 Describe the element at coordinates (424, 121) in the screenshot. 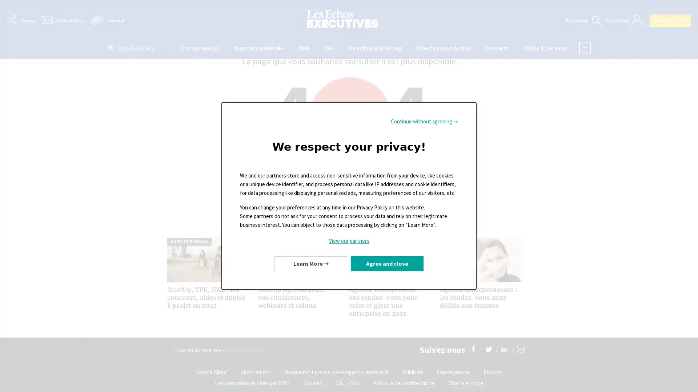

I see `Continue without agreeing` at that location.